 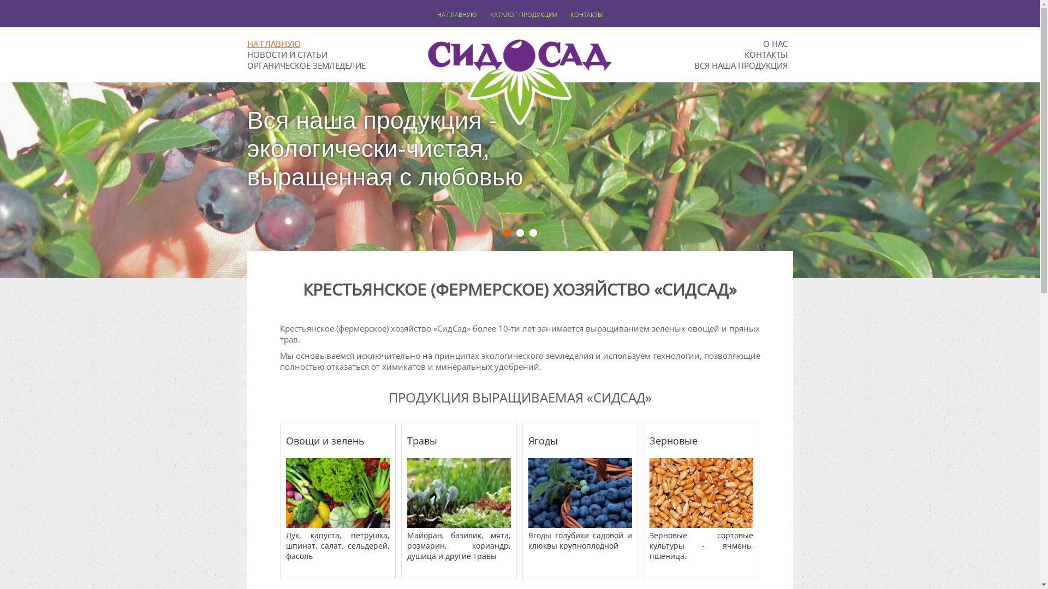 I want to click on '2', so click(x=520, y=232).